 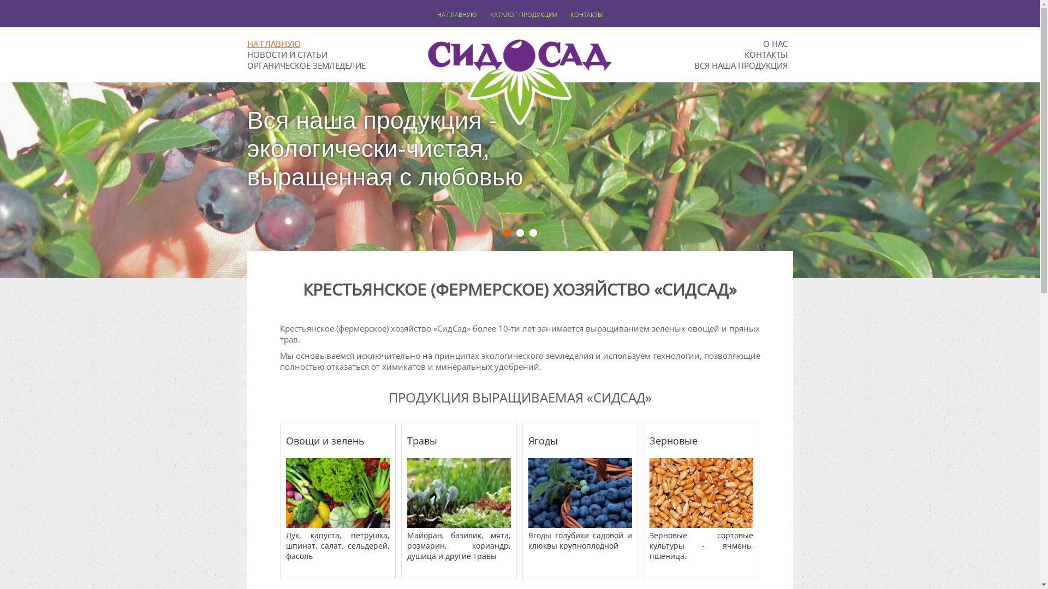 I want to click on '2', so click(x=520, y=232).